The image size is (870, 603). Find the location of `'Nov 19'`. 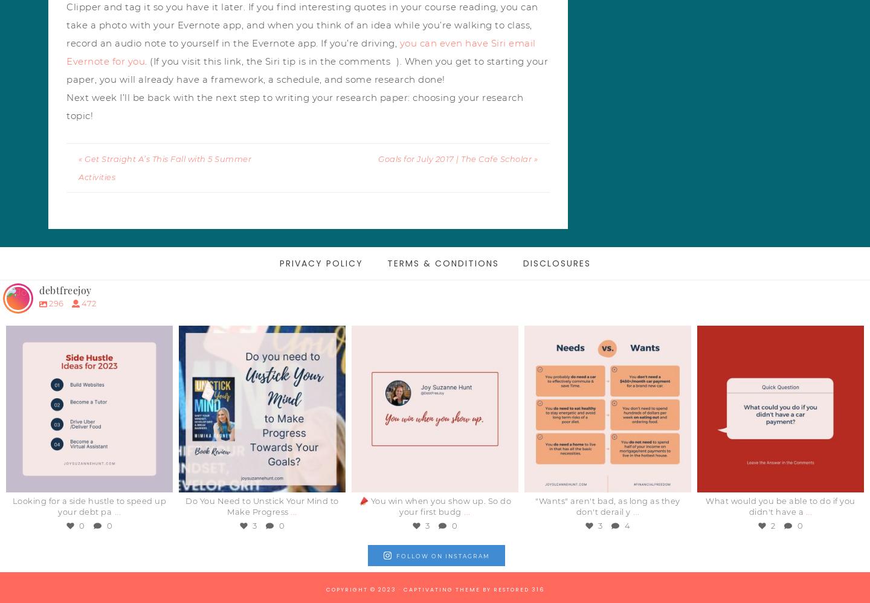

'Nov 19' is located at coordinates (784, 478).